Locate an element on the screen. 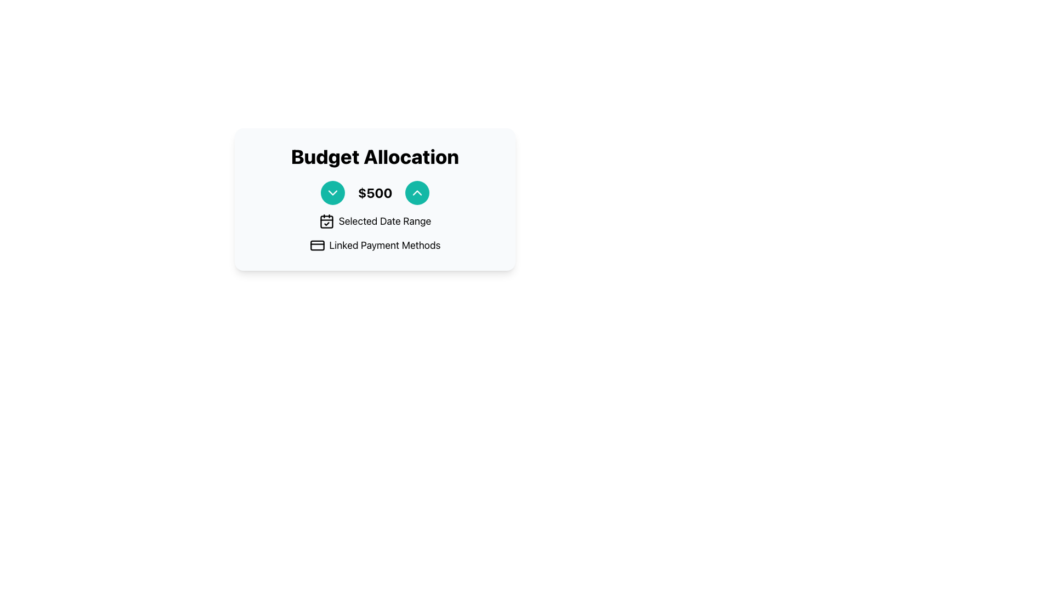 The height and width of the screenshot is (592, 1053). the Text Display that shows '$500', which is bold and large, located between two teal circular buttons with chevron icons is located at coordinates (375, 192).